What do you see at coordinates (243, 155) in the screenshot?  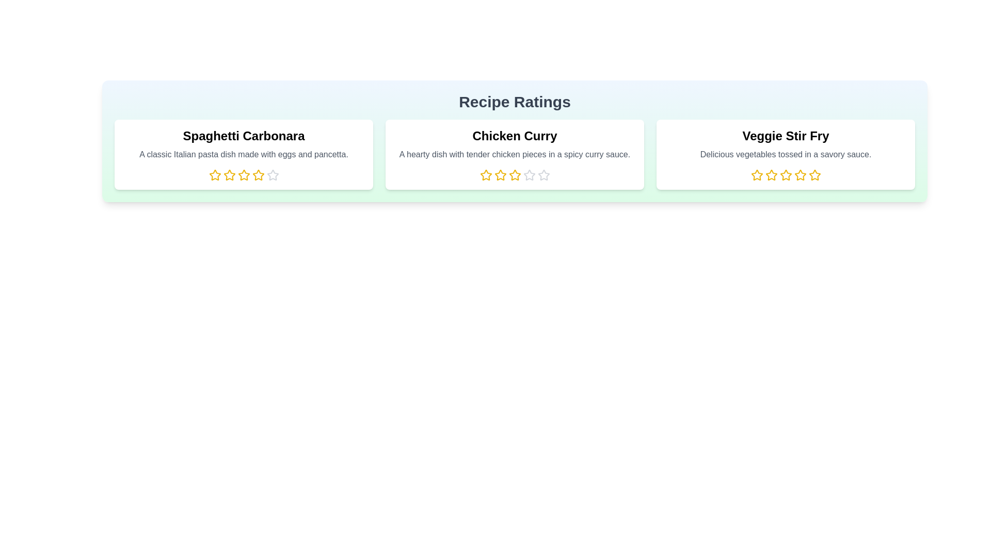 I see `the description of the recipe to read it` at bounding box center [243, 155].